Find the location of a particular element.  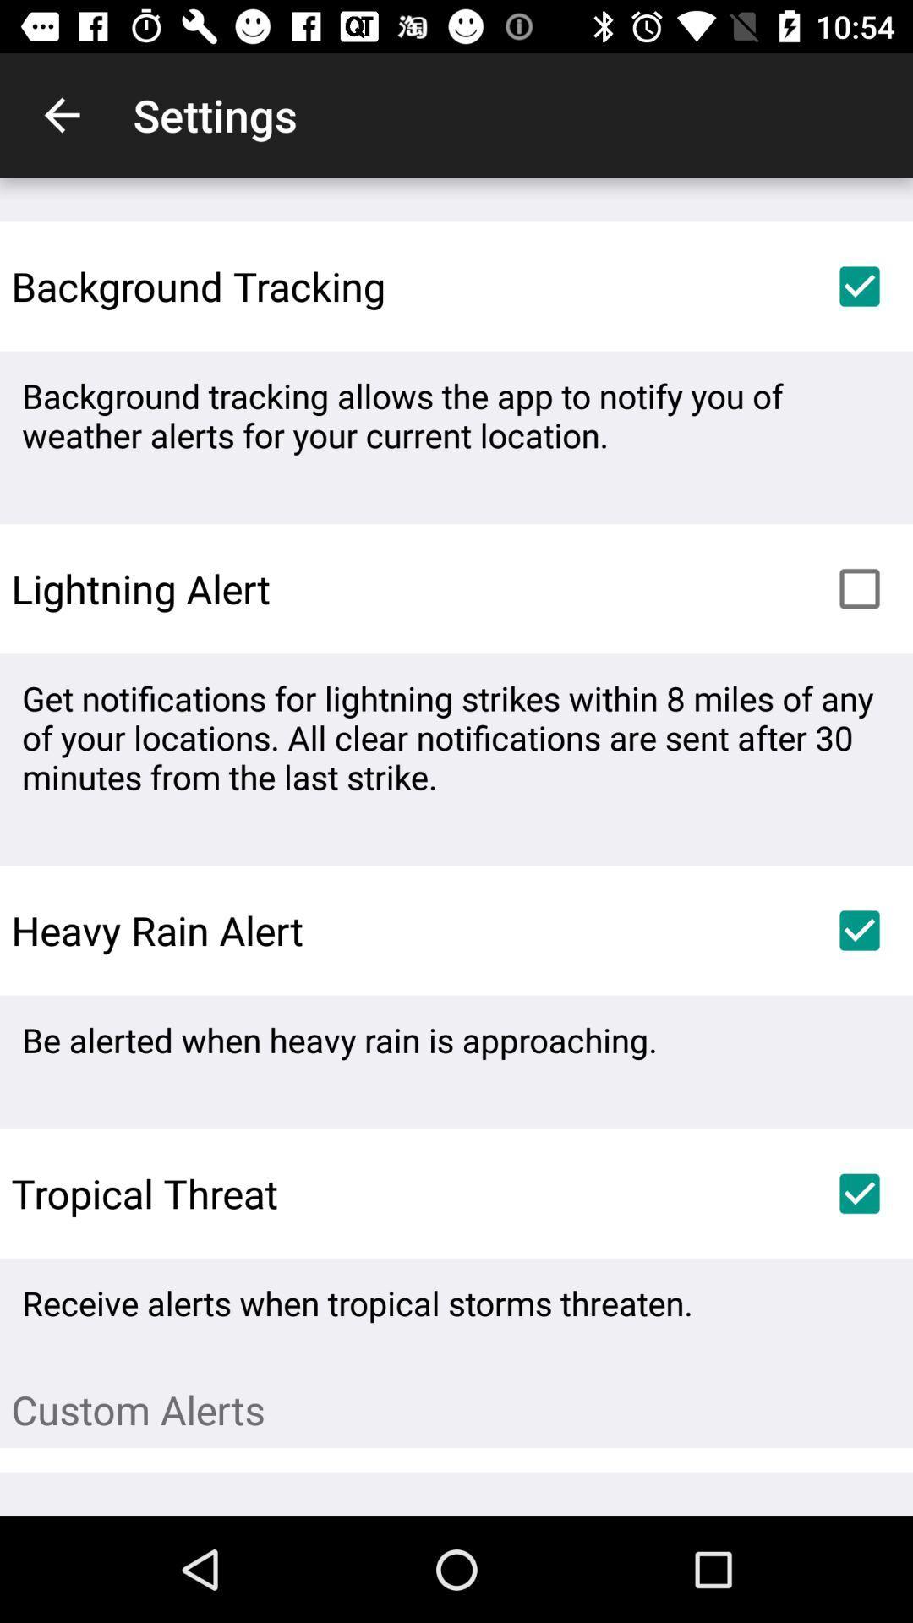

the item below the background tracking allows icon is located at coordinates (860, 588).